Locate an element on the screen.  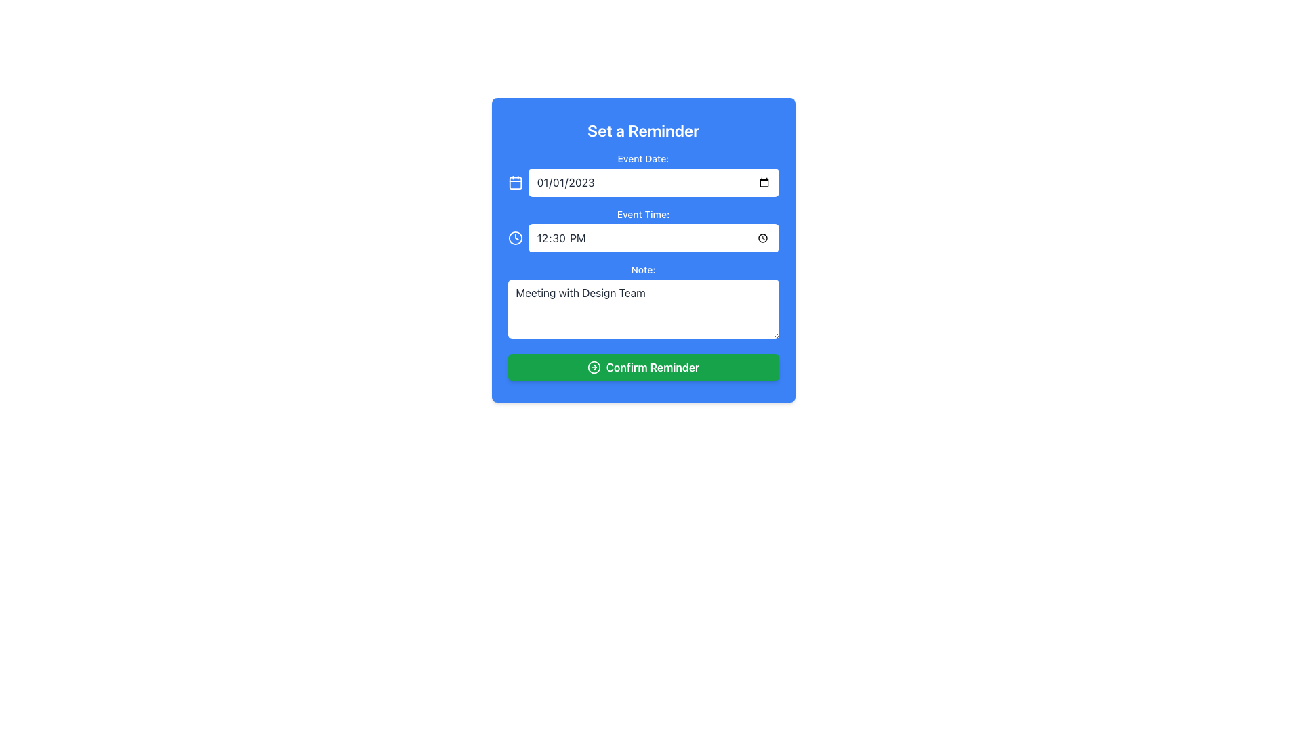
the Date Input Field in the 'Event Date' section is located at coordinates (653, 183).